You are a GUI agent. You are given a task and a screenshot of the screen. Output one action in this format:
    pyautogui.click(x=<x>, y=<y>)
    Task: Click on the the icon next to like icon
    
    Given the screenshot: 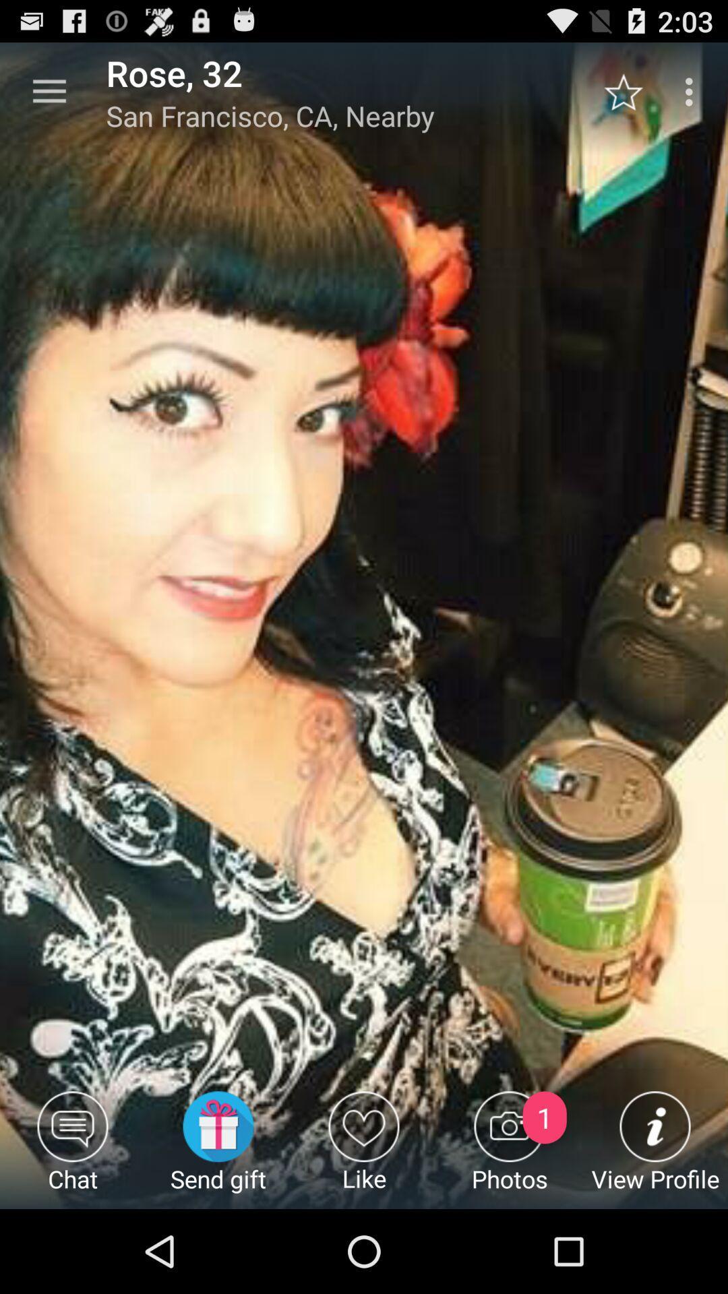 What is the action you would take?
    pyautogui.click(x=510, y=1149)
    